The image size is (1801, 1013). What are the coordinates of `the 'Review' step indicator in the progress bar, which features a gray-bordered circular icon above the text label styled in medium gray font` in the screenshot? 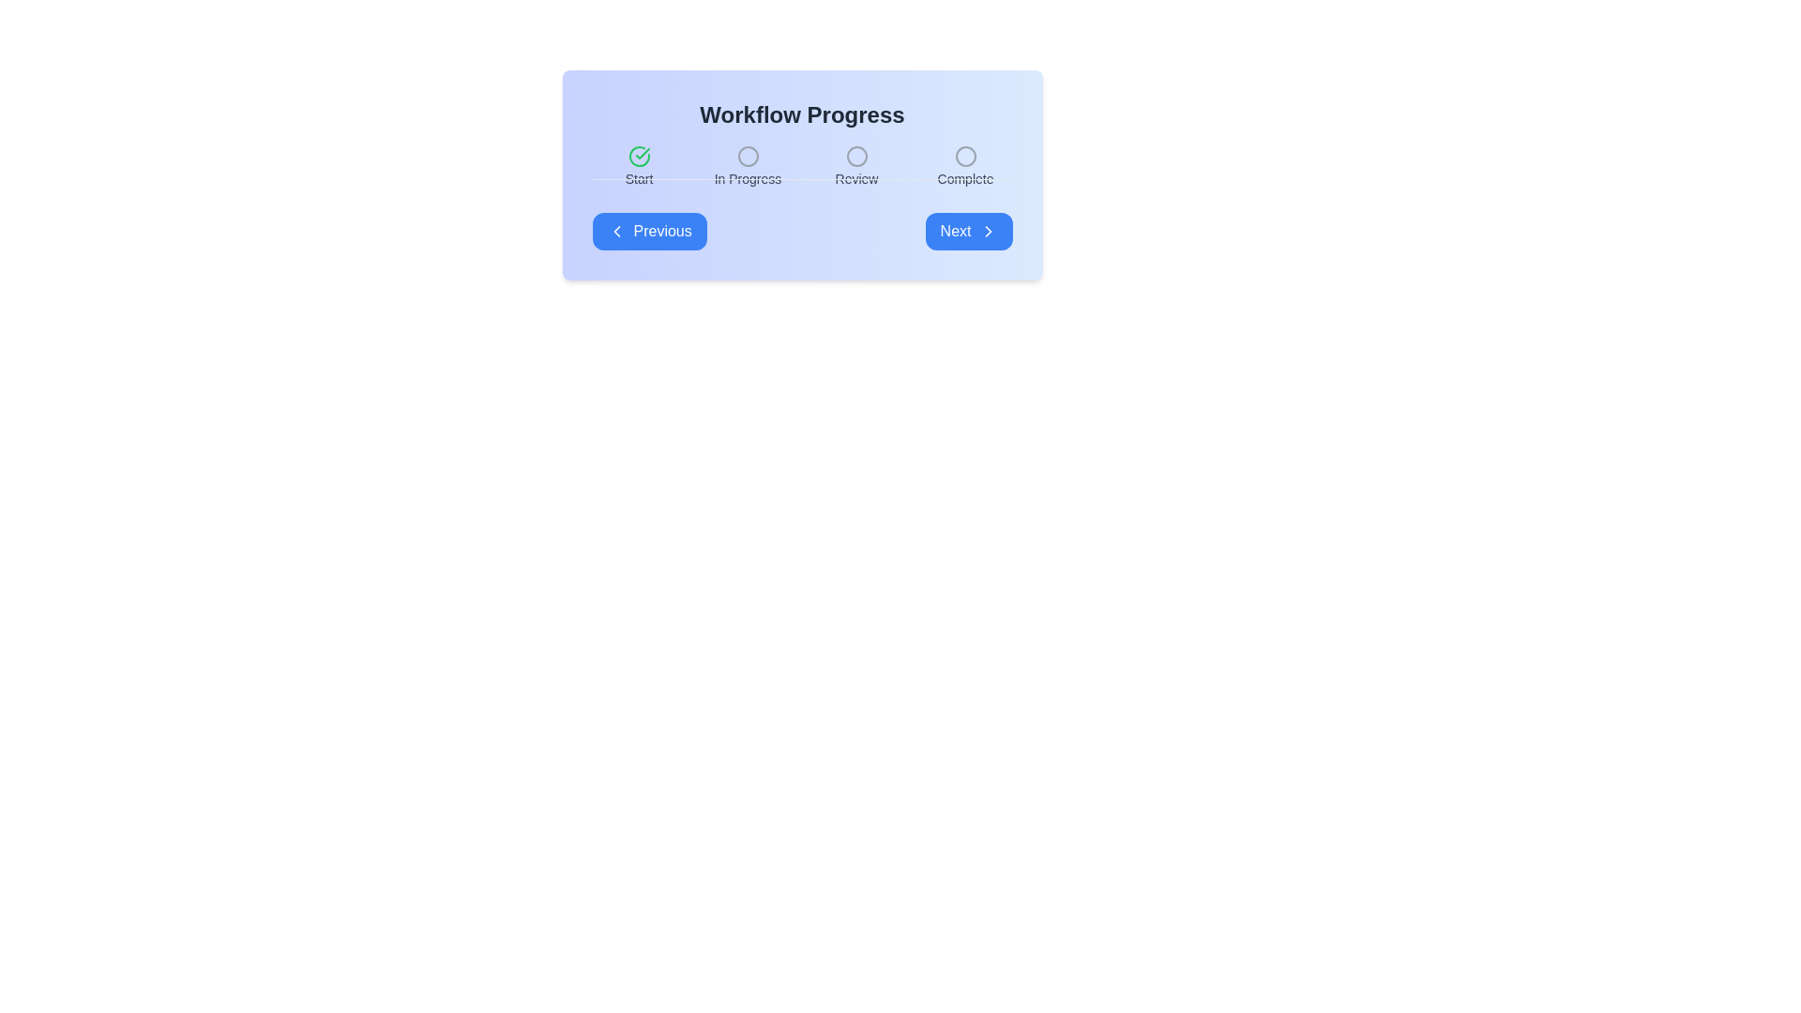 It's located at (855, 166).